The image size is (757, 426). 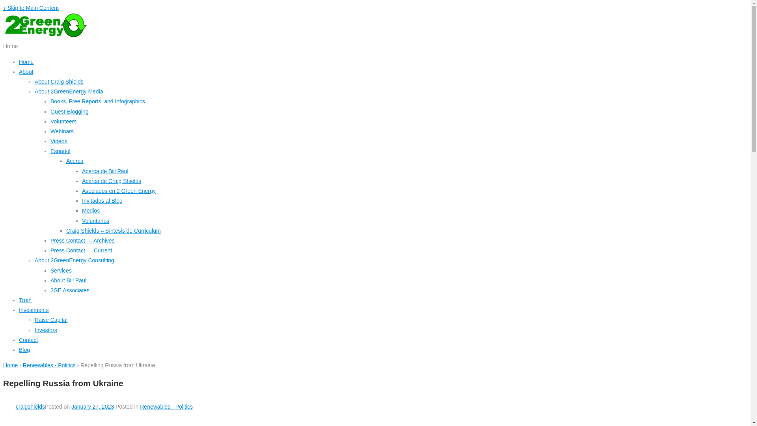 I want to click on 'Investors', so click(x=45, y=330).